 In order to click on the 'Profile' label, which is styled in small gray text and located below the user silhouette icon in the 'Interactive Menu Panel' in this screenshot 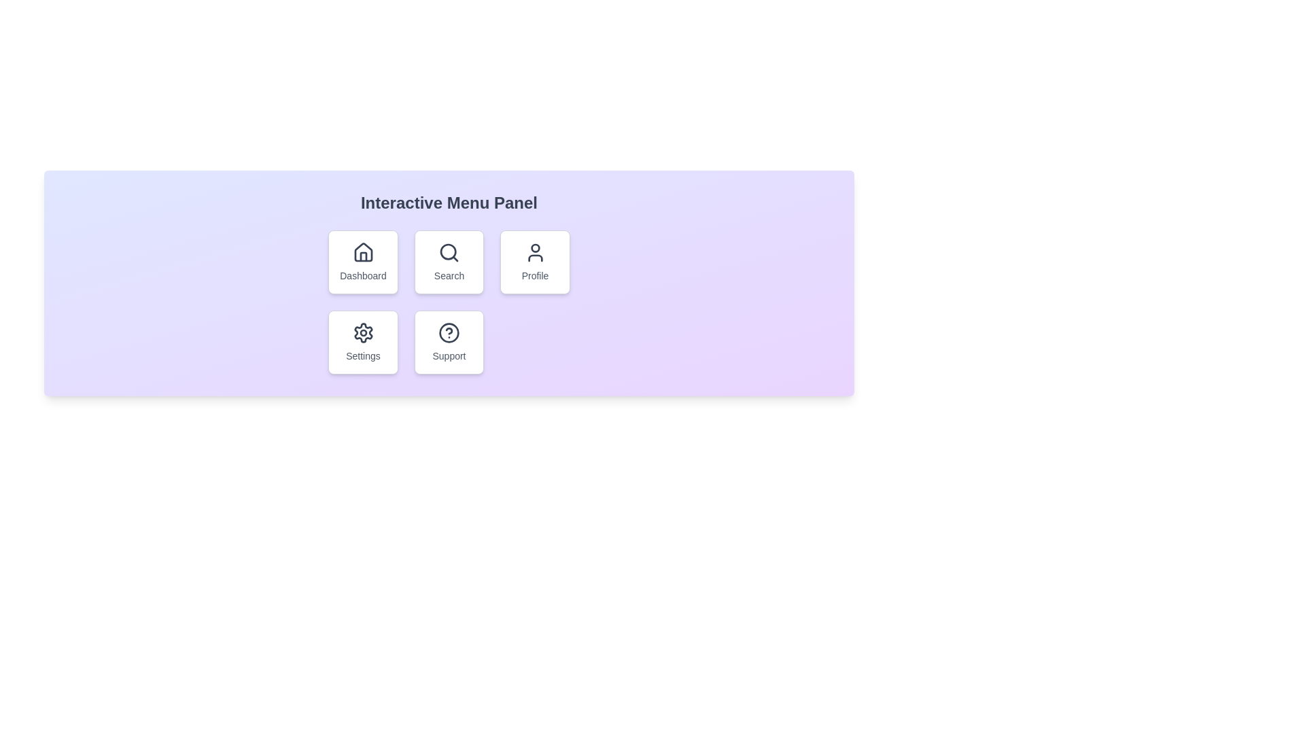, I will do `click(534, 275)`.